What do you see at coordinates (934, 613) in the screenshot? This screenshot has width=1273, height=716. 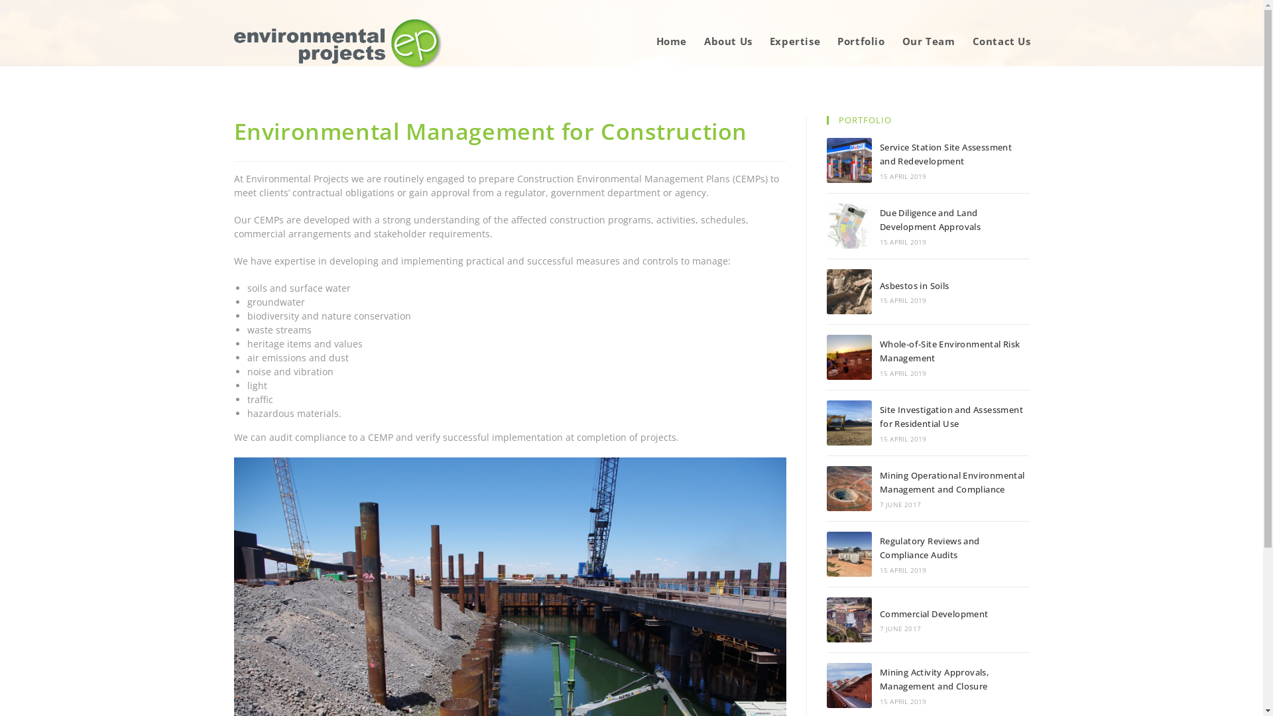 I see `'Commercial Development'` at bounding box center [934, 613].